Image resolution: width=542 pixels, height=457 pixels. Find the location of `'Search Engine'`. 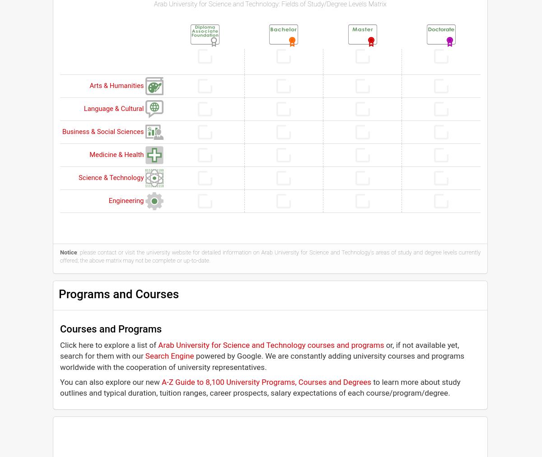

'Search Engine' is located at coordinates (169, 356).